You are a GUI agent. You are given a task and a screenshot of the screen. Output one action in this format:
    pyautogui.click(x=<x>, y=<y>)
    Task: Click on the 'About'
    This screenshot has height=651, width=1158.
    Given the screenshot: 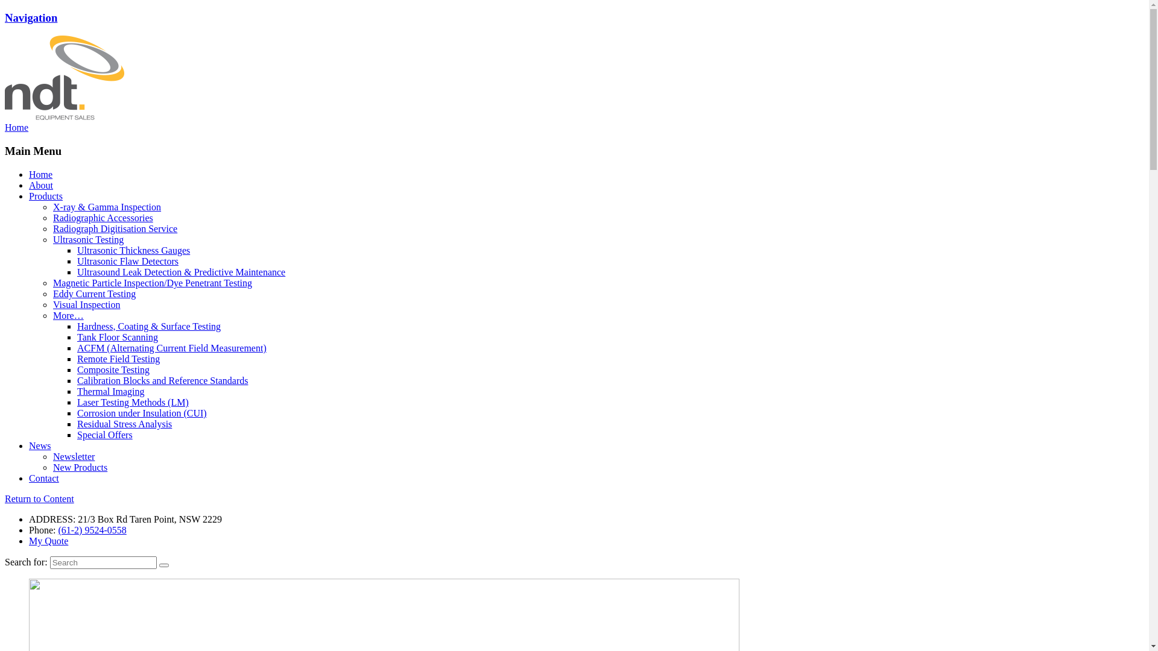 What is the action you would take?
    pyautogui.click(x=40, y=185)
    